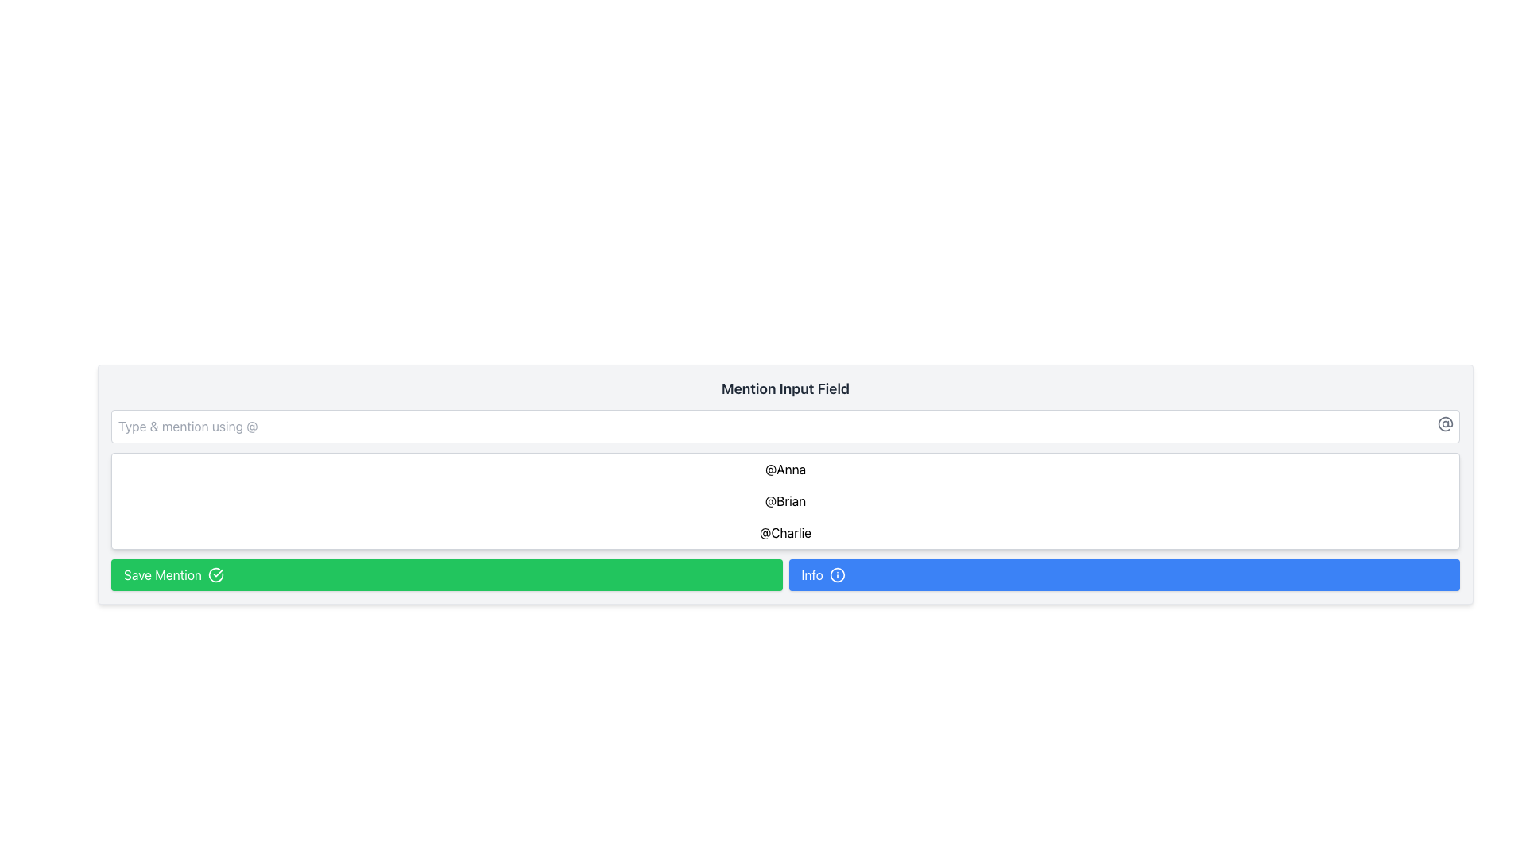  What do you see at coordinates (785, 501) in the screenshot?
I see `the selectable text element with hover styling that is positioned between '@Anna' above and '@Charlie' below` at bounding box center [785, 501].